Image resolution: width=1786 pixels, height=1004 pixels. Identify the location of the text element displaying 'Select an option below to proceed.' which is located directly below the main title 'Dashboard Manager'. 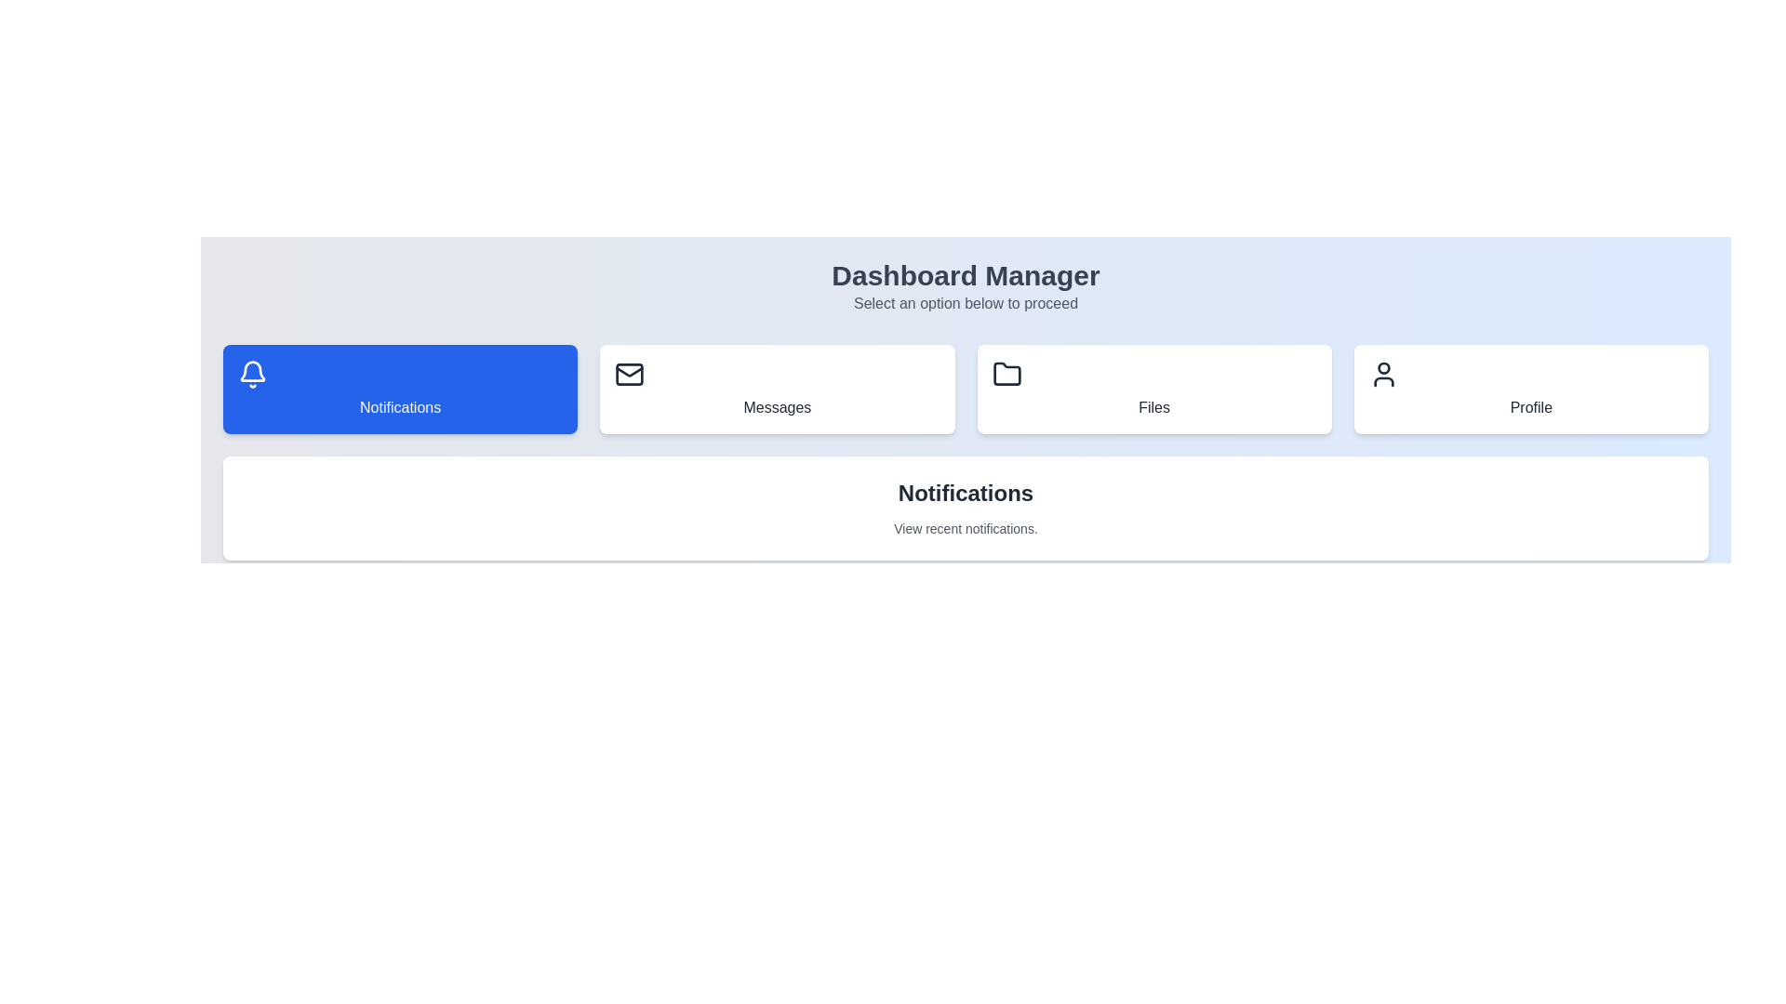
(966, 303).